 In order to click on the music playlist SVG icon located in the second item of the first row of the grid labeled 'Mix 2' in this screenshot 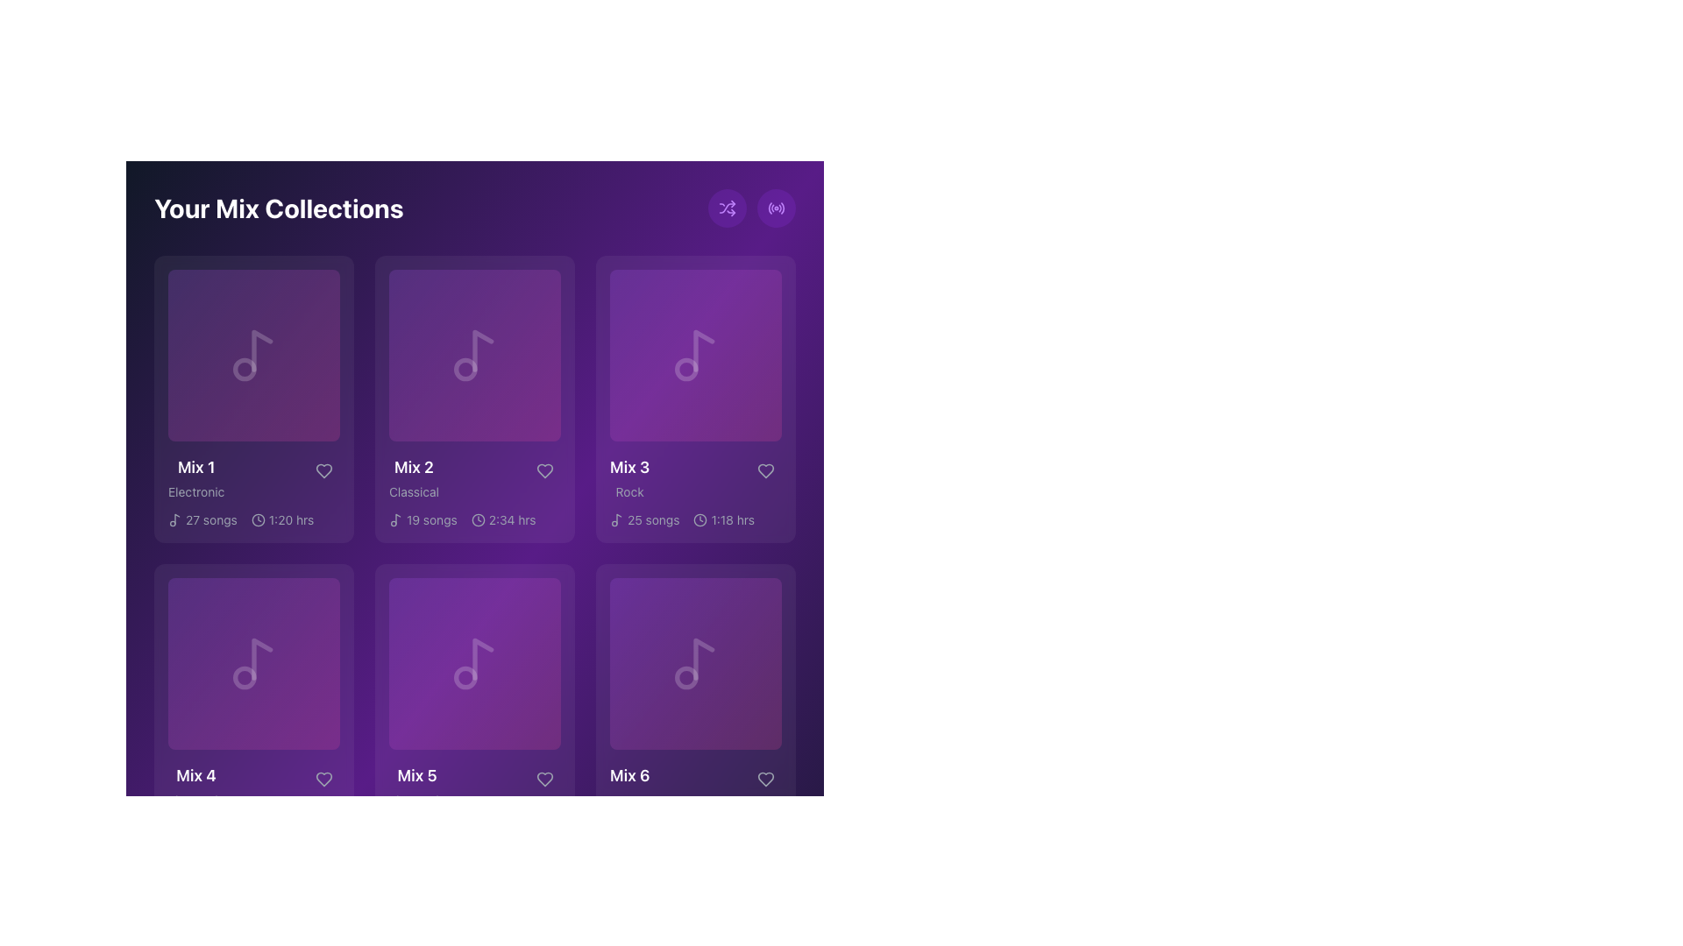, I will do `click(475, 355)`.